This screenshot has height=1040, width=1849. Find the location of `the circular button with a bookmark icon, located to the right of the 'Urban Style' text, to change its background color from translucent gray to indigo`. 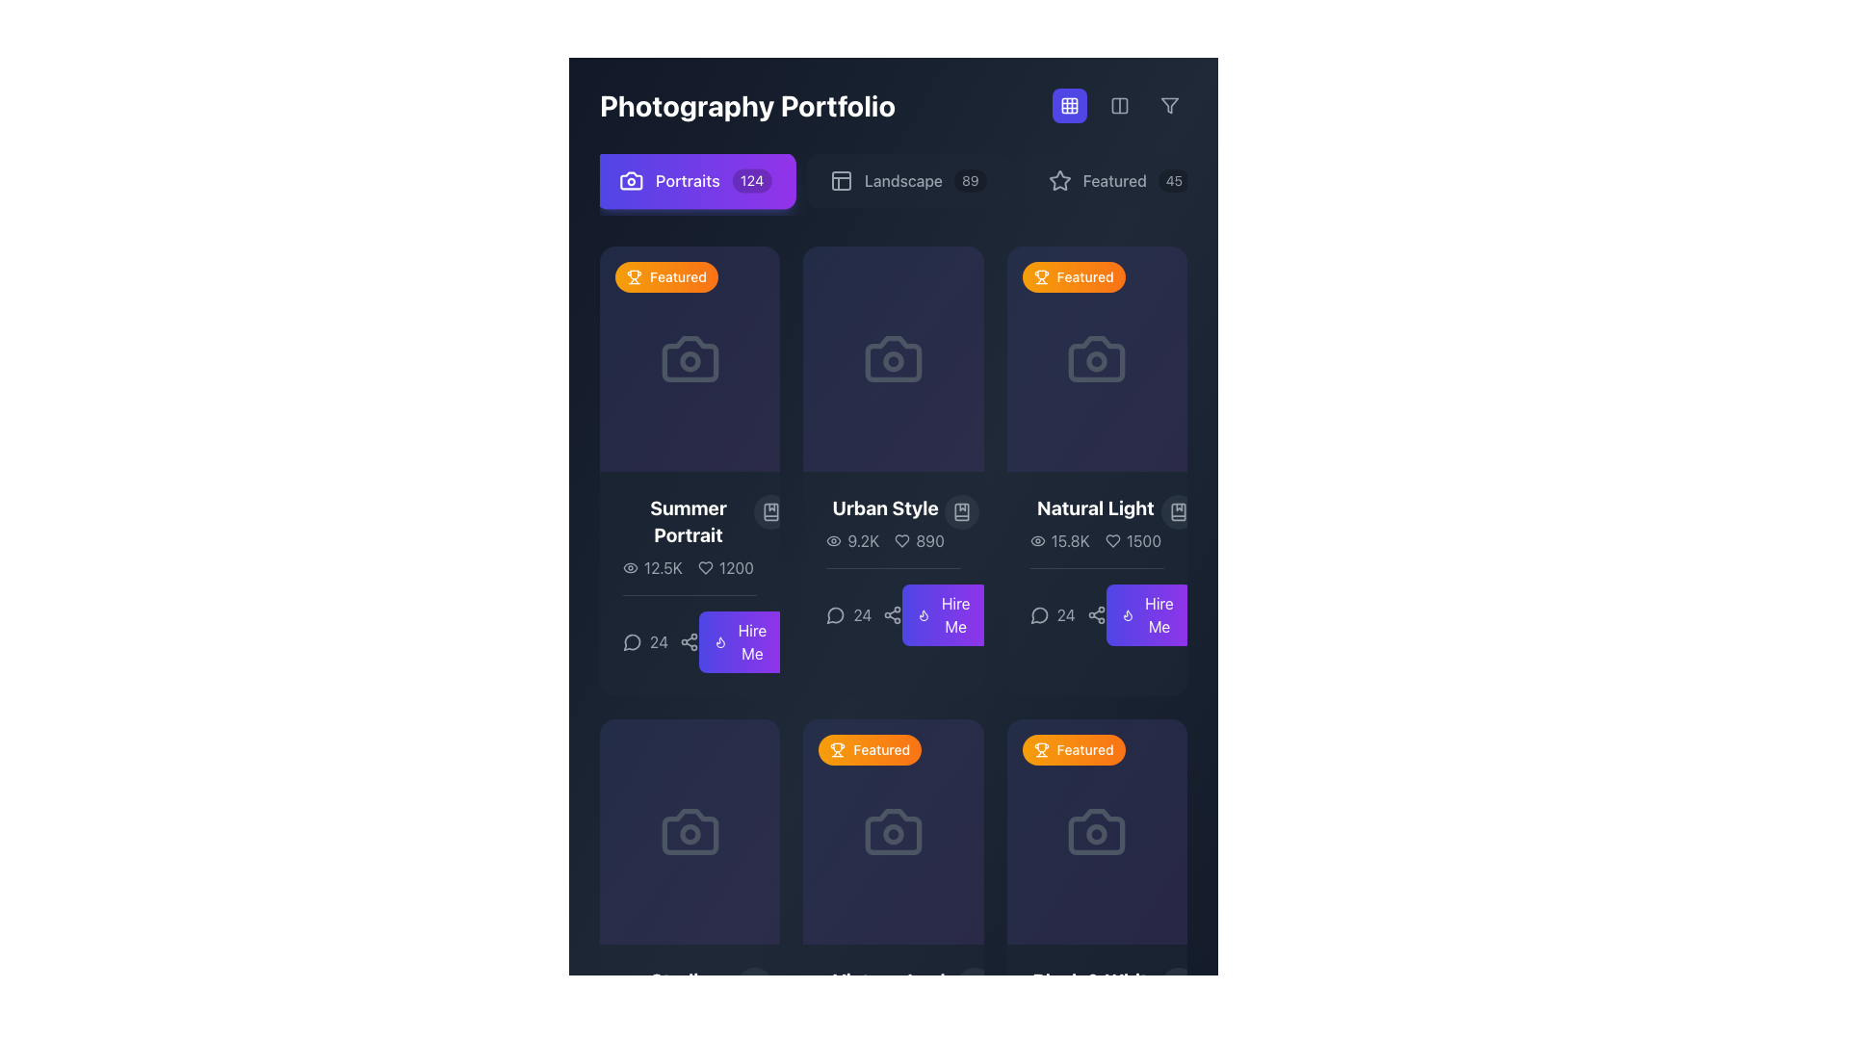

the circular button with a bookmark icon, located to the right of the 'Urban Style' text, to change its background color from translucent gray to indigo is located at coordinates (961, 511).